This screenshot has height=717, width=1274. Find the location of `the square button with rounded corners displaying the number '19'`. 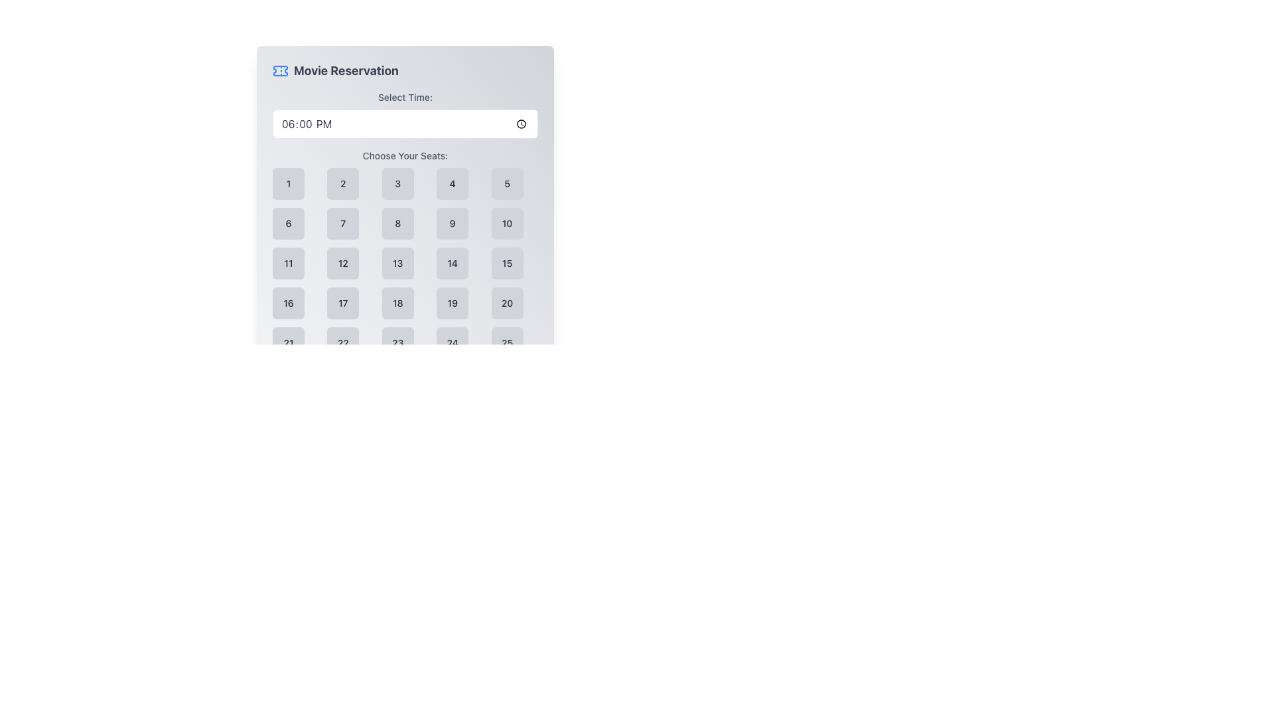

the square button with rounded corners displaying the number '19' is located at coordinates (453, 303).